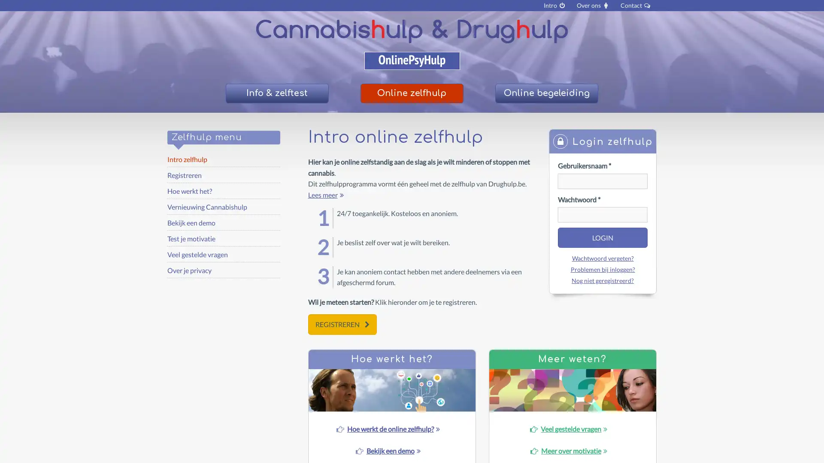 This screenshot has height=463, width=824. I want to click on Info & zelftest, so click(276, 94).